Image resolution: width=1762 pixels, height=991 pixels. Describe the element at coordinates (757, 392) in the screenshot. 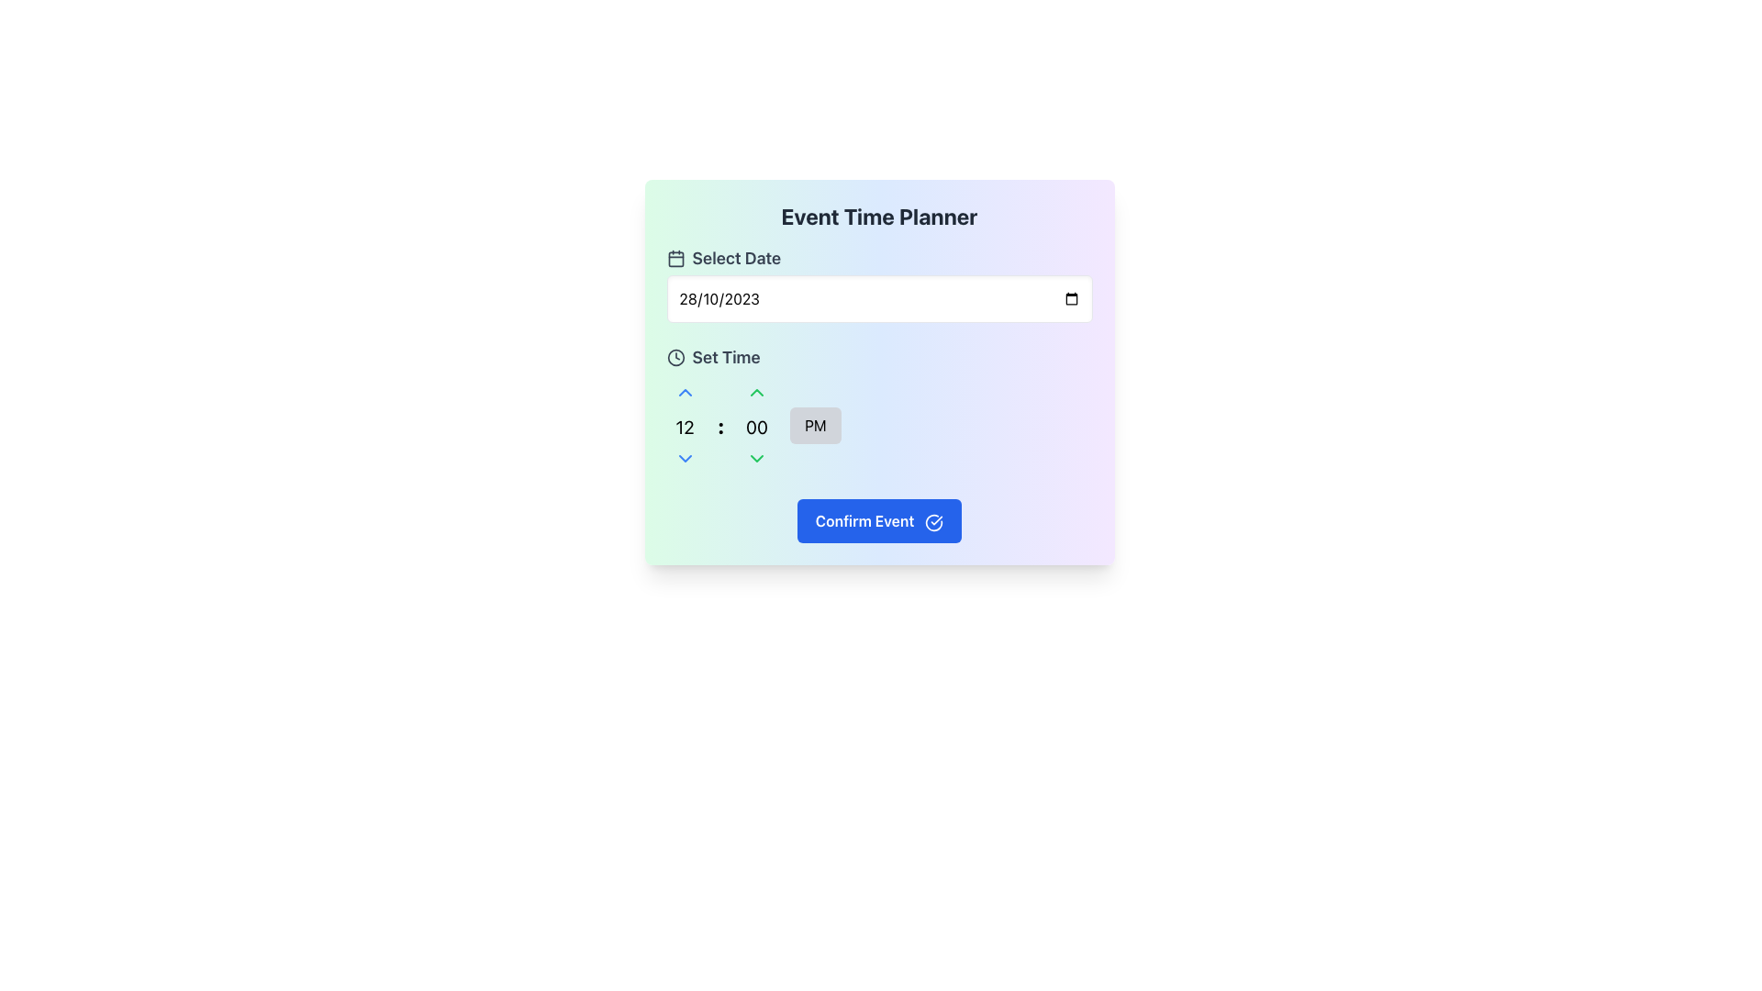

I see `the button that increments the minute value in the 'Set Time' section, positioned between the hour and minute adjustment sections, above the '00' text` at that location.